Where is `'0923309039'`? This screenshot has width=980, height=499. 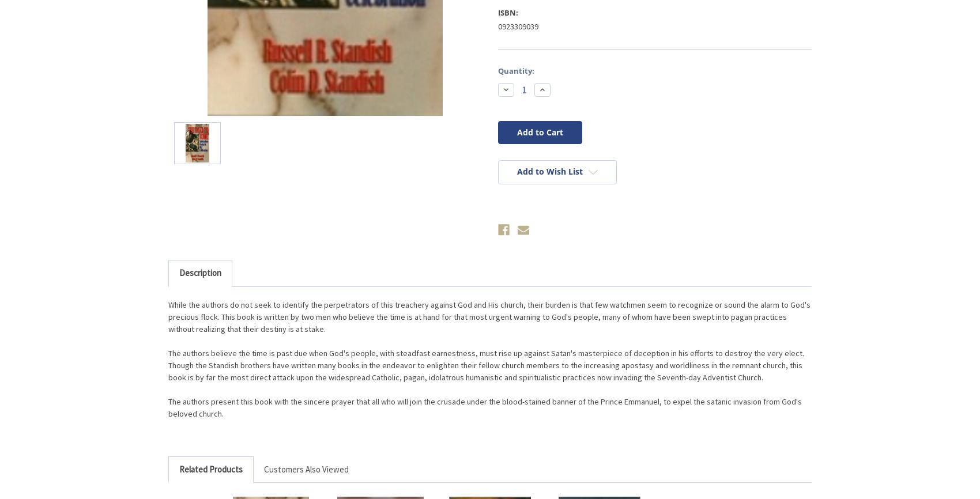 '0923309039' is located at coordinates (518, 26).